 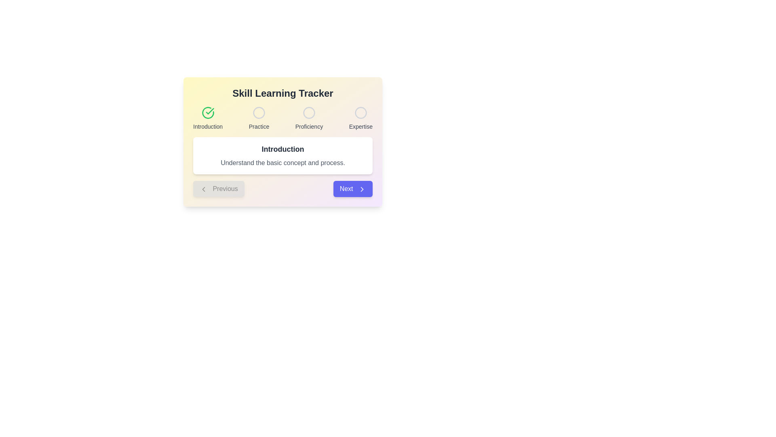 I want to click on the second circular graphic progress indicator that represents the 'Proficiency' stage, so click(x=308, y=112).